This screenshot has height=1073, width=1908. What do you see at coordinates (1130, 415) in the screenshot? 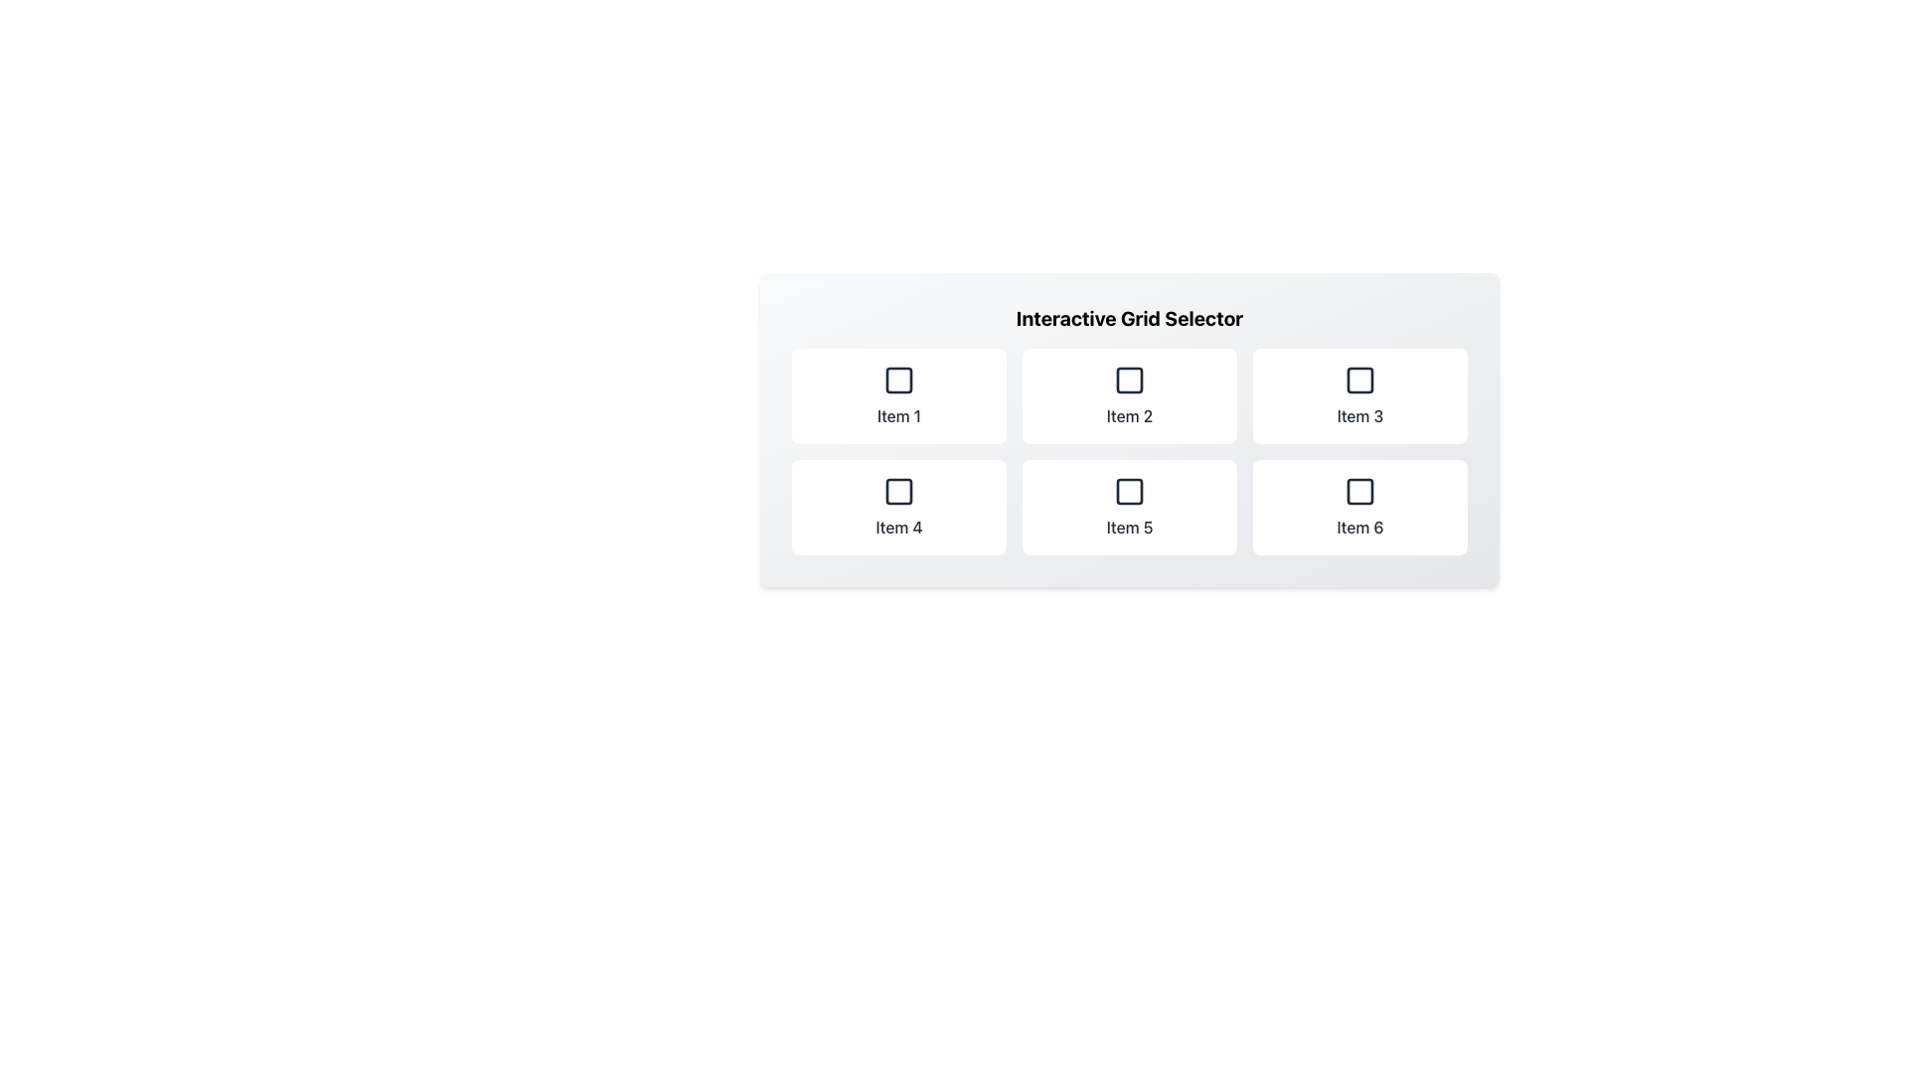
I see `the 'Item 2' text label, which is centrally positioned below a graphical icon in the second card of the grid, featuring a medium-weight font and a white background with rounded edges` at bounding box center [1130, 415].